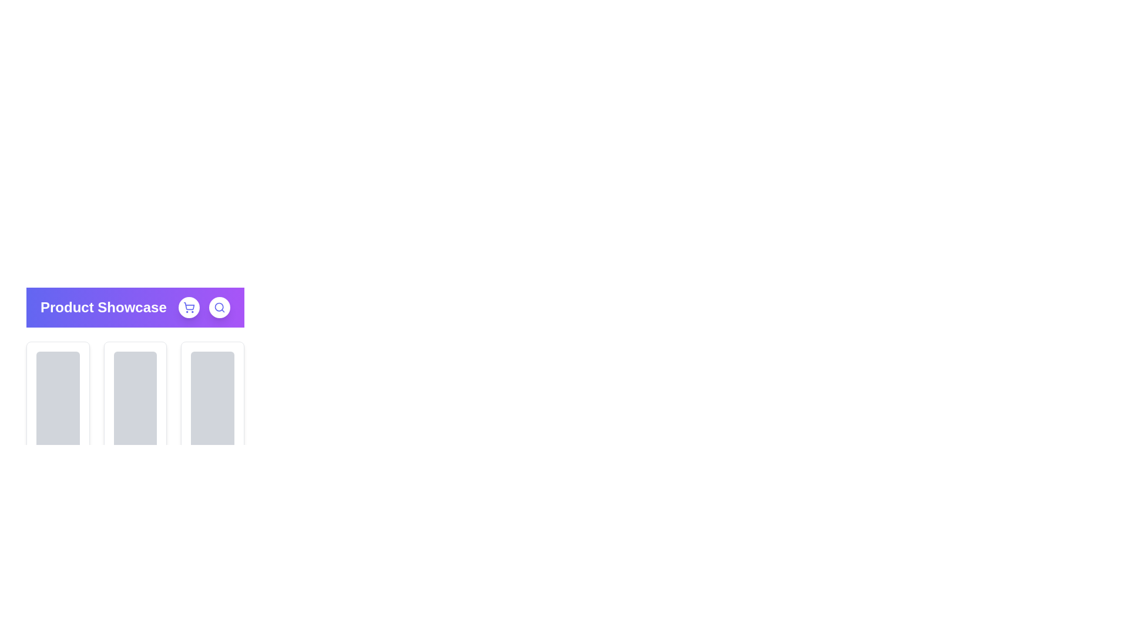 The height and width of the screenshot is (634, 1128). What do you see at coordinates (189, 307) in the screenshot?
I see `the shopping cart icon button located in the header section, positioned between the 'Product Showcase' label and the search icon` at bounding box center [189, 307].